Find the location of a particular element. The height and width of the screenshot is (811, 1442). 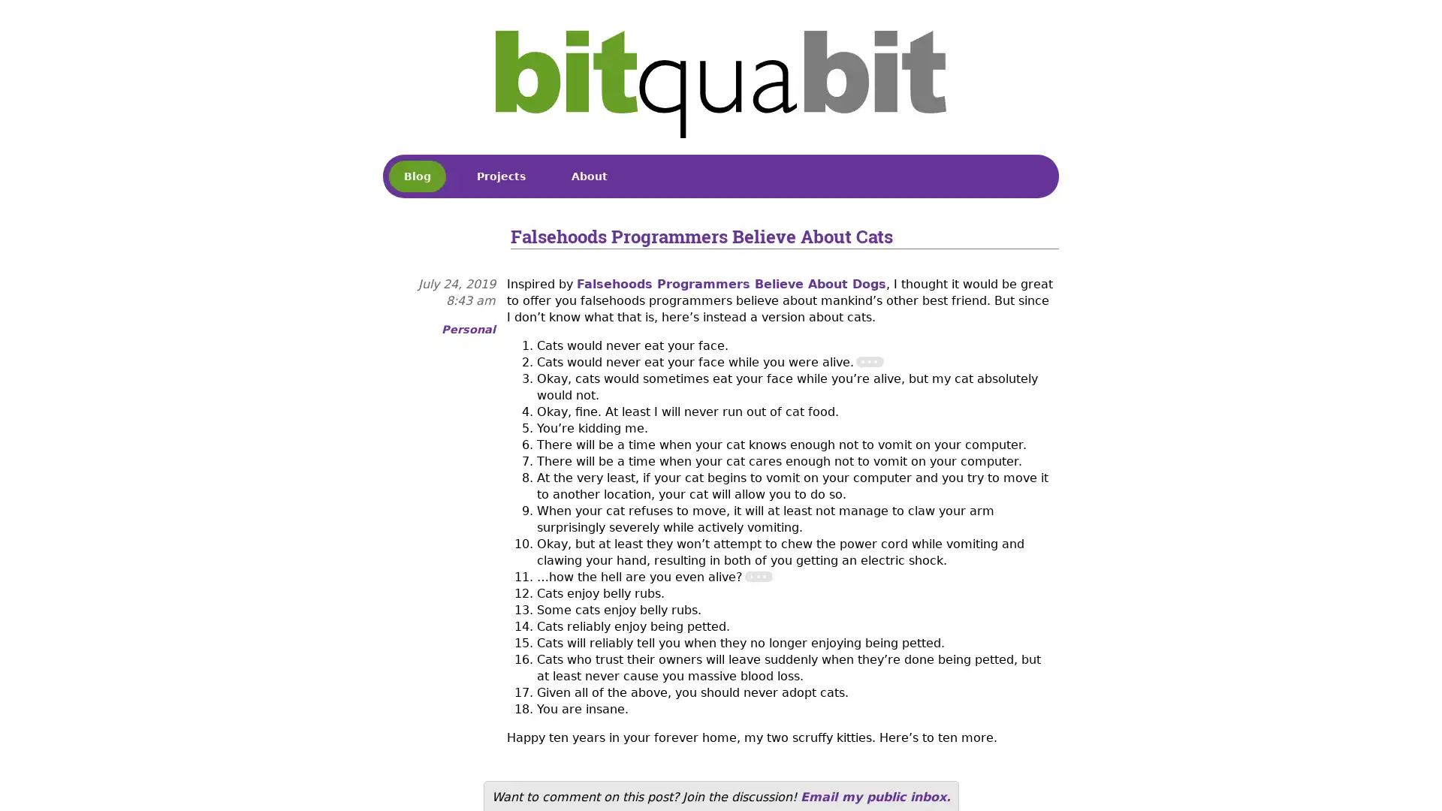

Footnote 1 is located at coordinates (869, 361).